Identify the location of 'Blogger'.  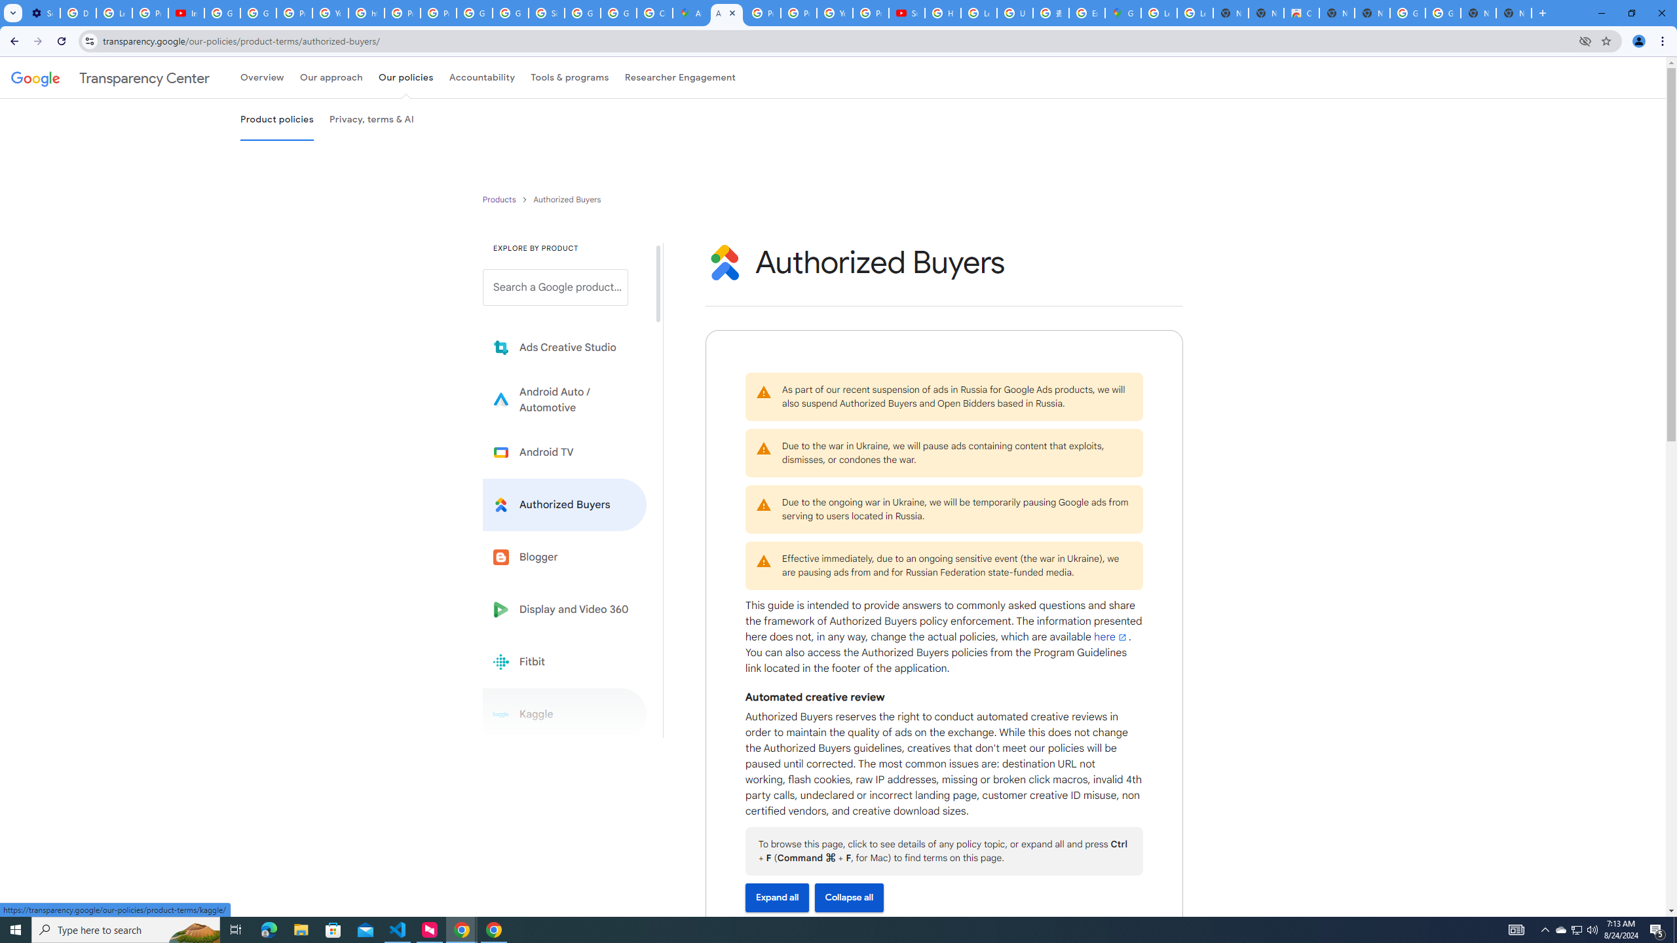
(564, 557).